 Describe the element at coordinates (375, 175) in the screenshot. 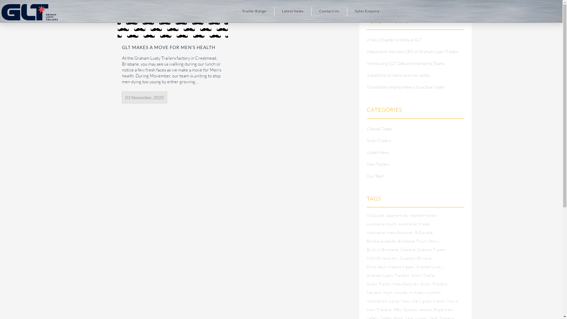

I see `'Our Team'` at that location.